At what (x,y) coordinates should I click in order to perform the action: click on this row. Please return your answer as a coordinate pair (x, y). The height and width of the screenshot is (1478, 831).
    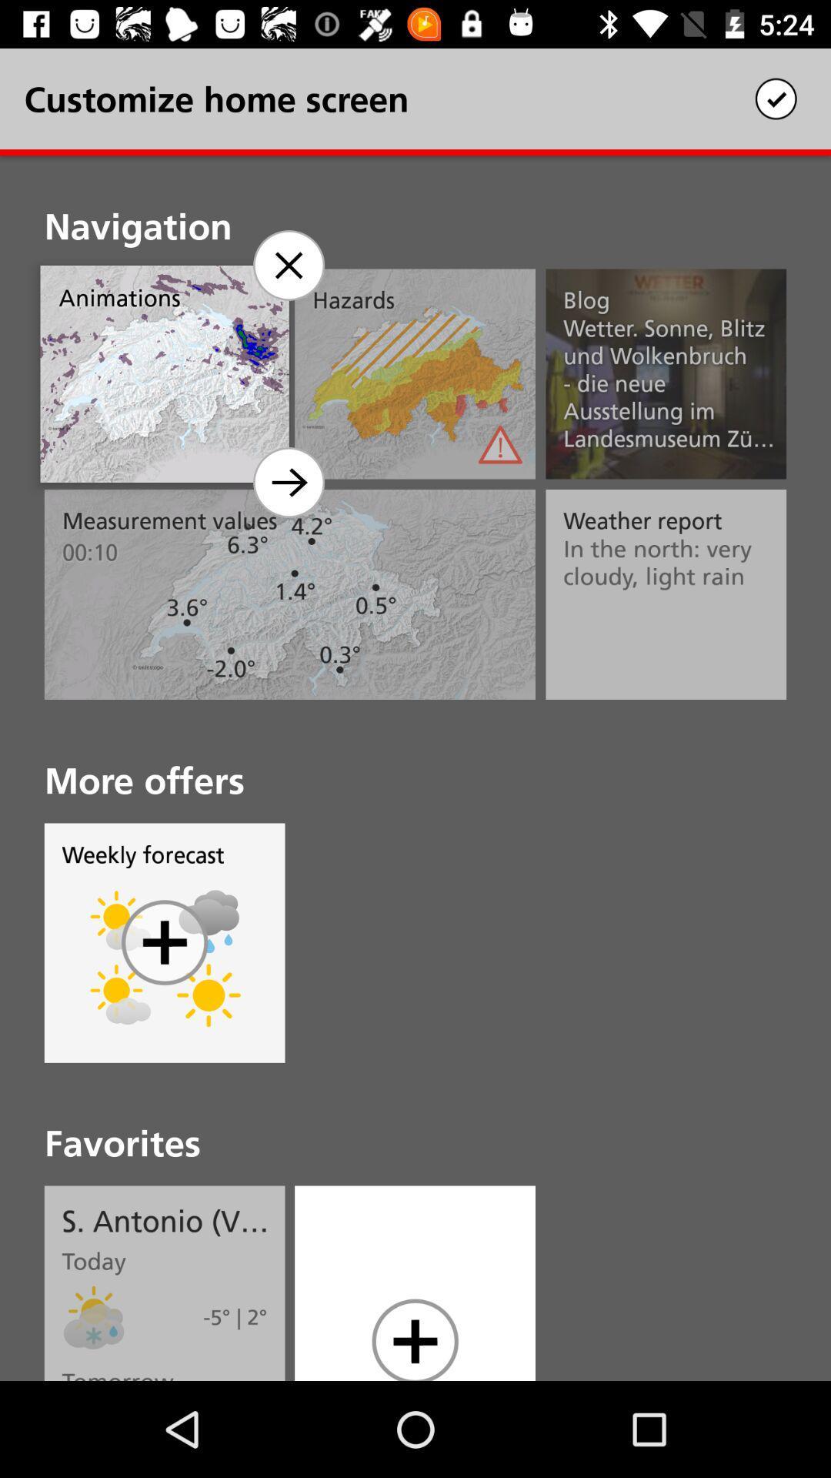
    Looking at the image, I should click on (288, 266).